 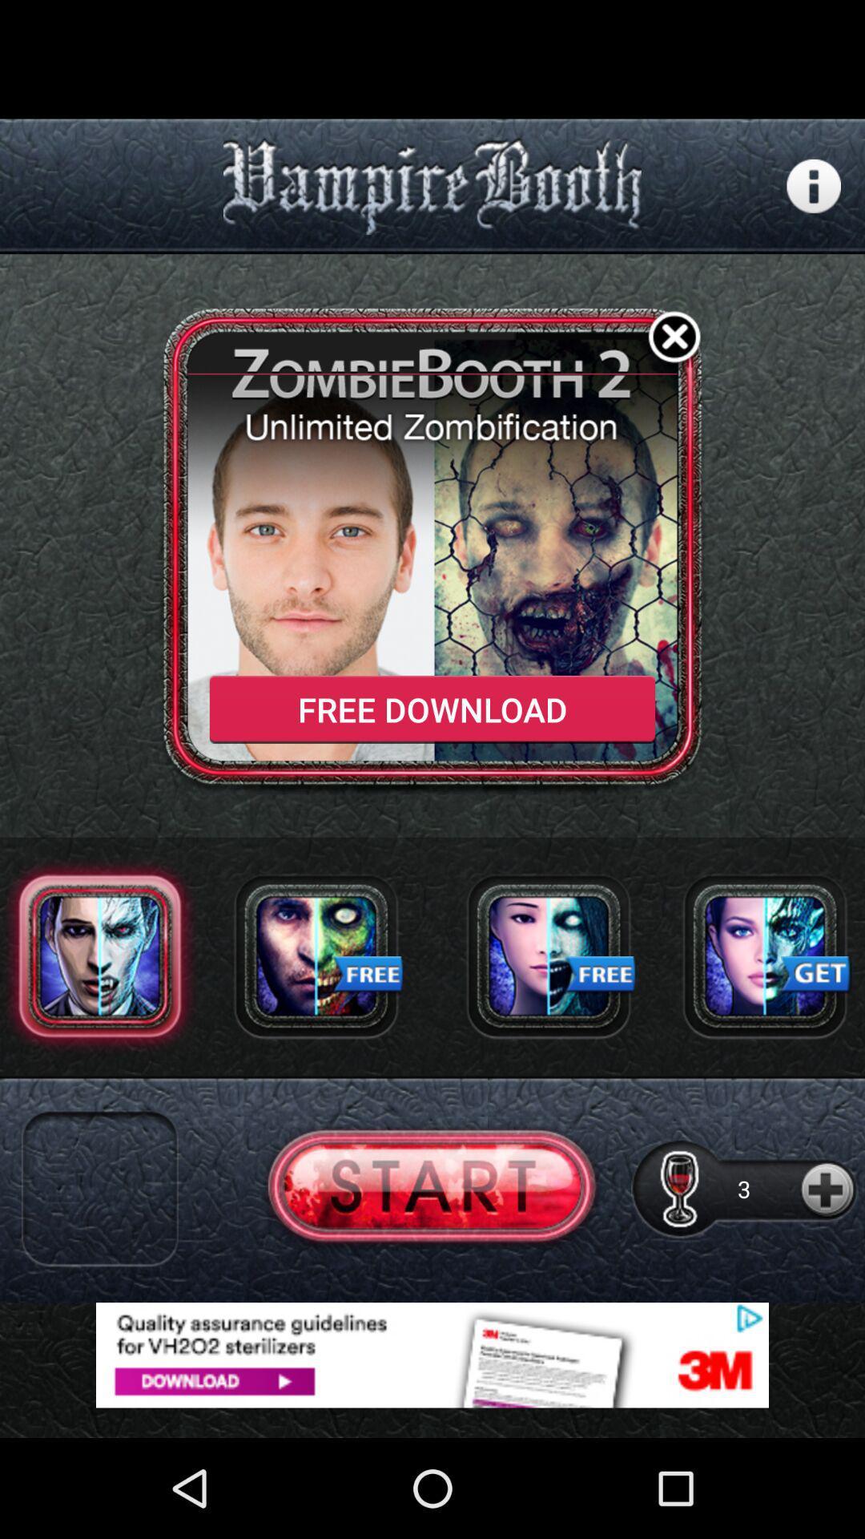 I want to click on more information, so click(x=814, y=186).